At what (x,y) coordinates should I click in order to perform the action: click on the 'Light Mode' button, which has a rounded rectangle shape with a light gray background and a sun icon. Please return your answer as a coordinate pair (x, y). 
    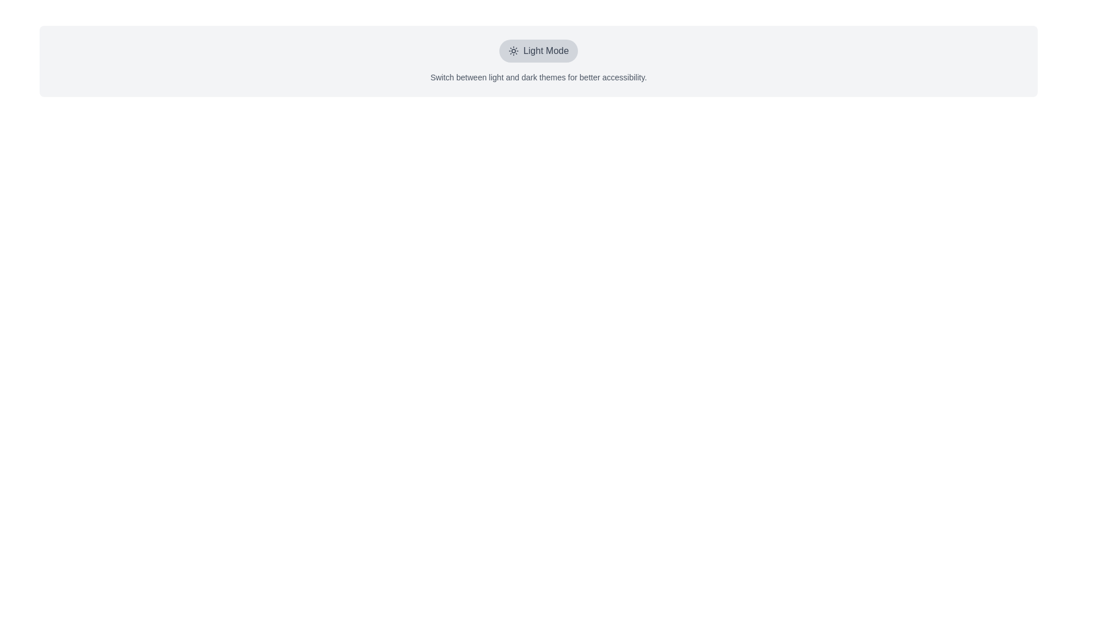
    Looking at the image, I should click on (537, 50).